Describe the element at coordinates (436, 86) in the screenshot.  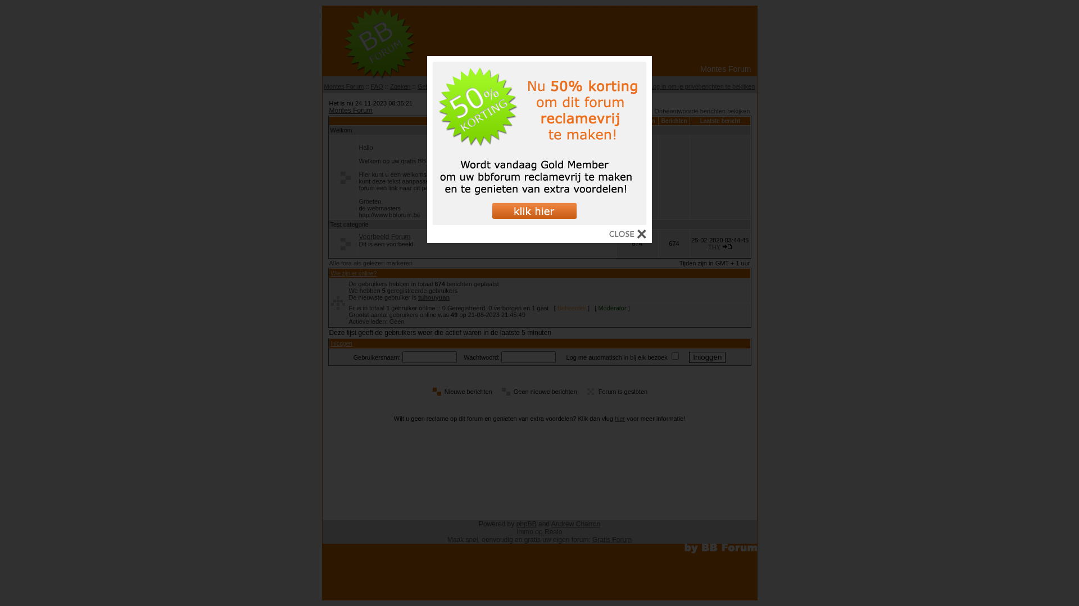
I see `'Gebruikerslijst'` at that location.